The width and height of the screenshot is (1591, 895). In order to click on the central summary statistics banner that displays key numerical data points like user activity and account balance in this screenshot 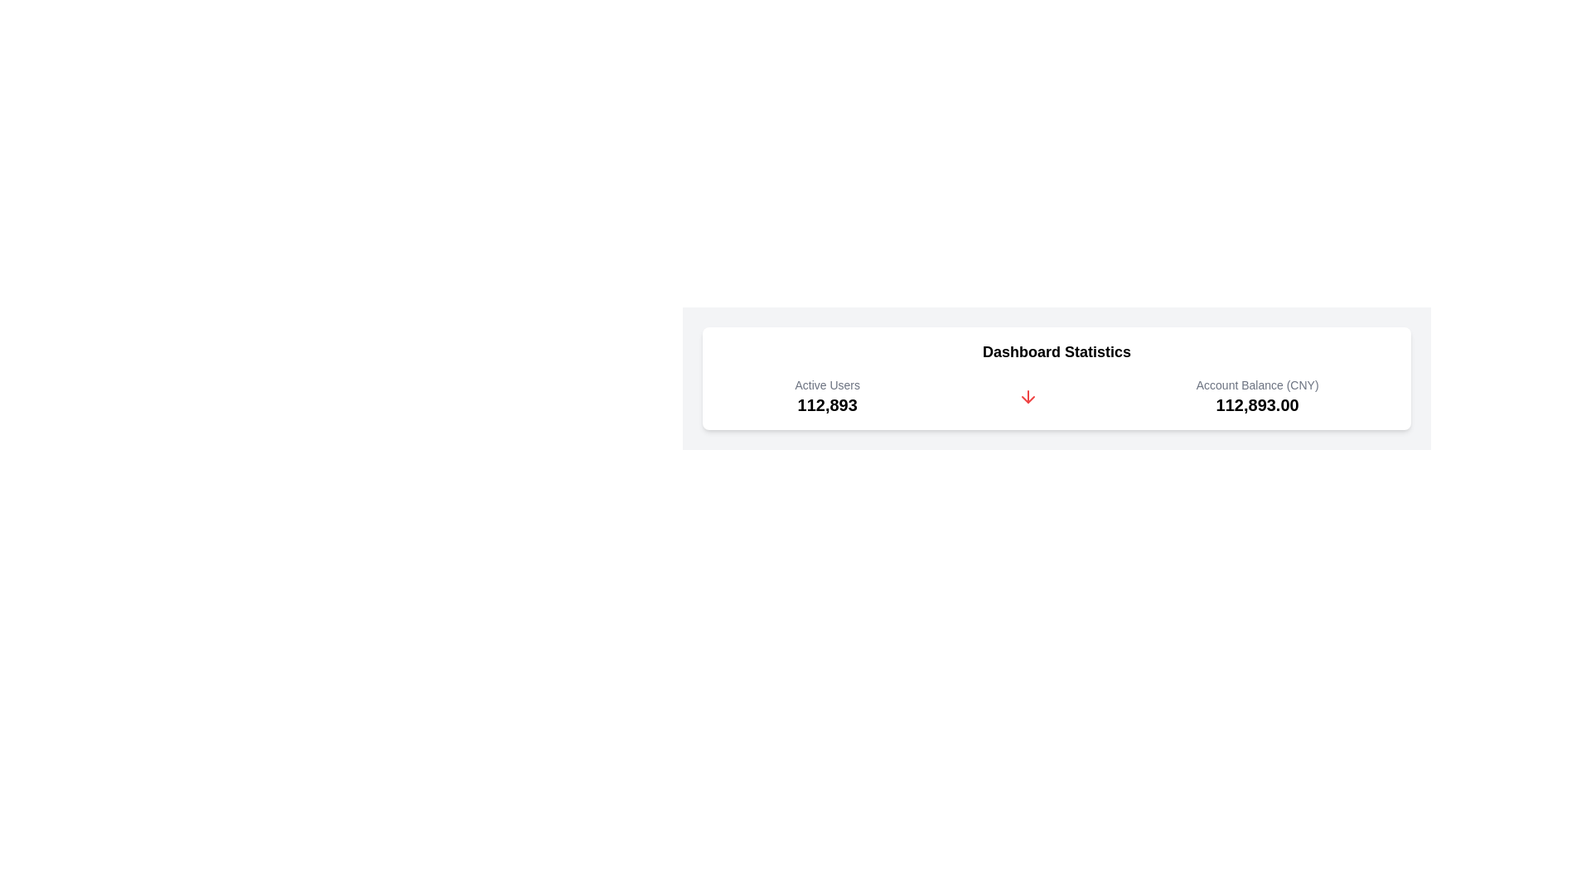, I will do `click(1056, 378)`.